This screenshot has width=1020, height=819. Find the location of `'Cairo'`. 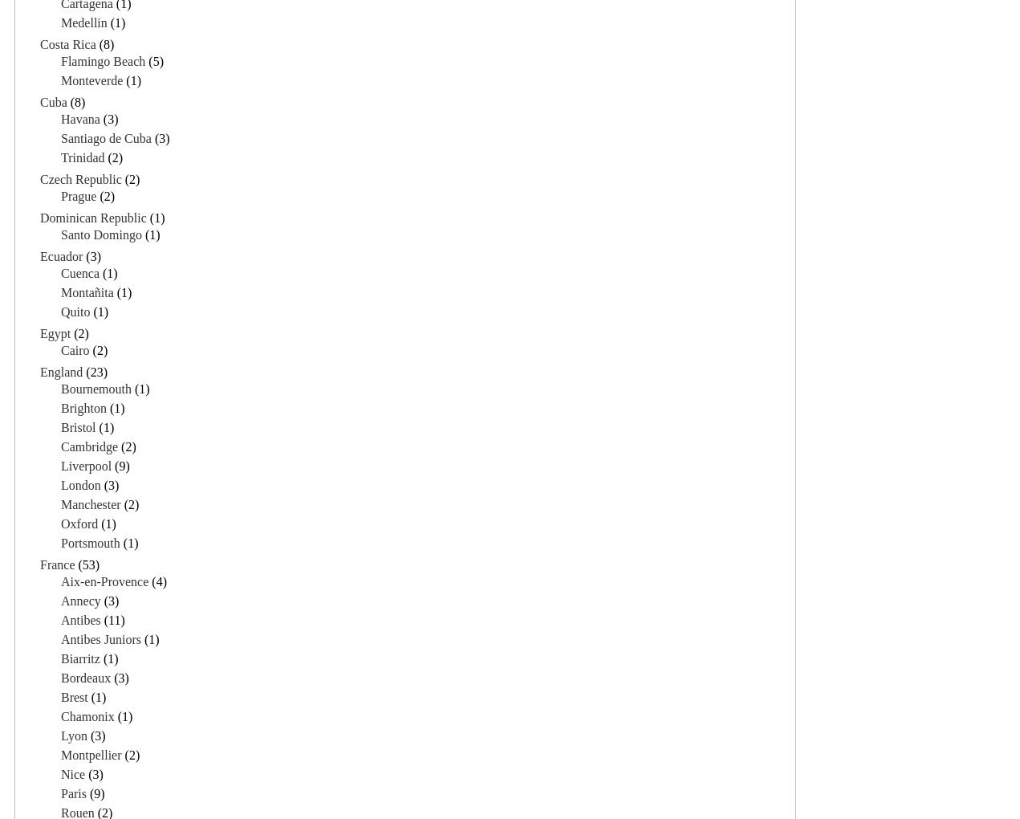

'Cairo' is located at coordinates (75, 348).